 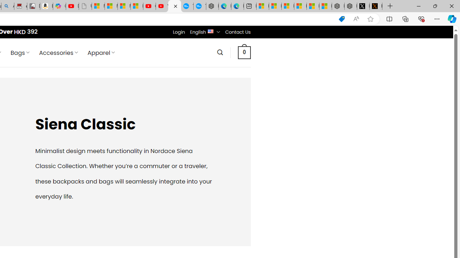 What do you see at coordinates (300, 6) in the screenshot?
I see `'Microsoft account | Privacy'` at bounding box center [300, 6].